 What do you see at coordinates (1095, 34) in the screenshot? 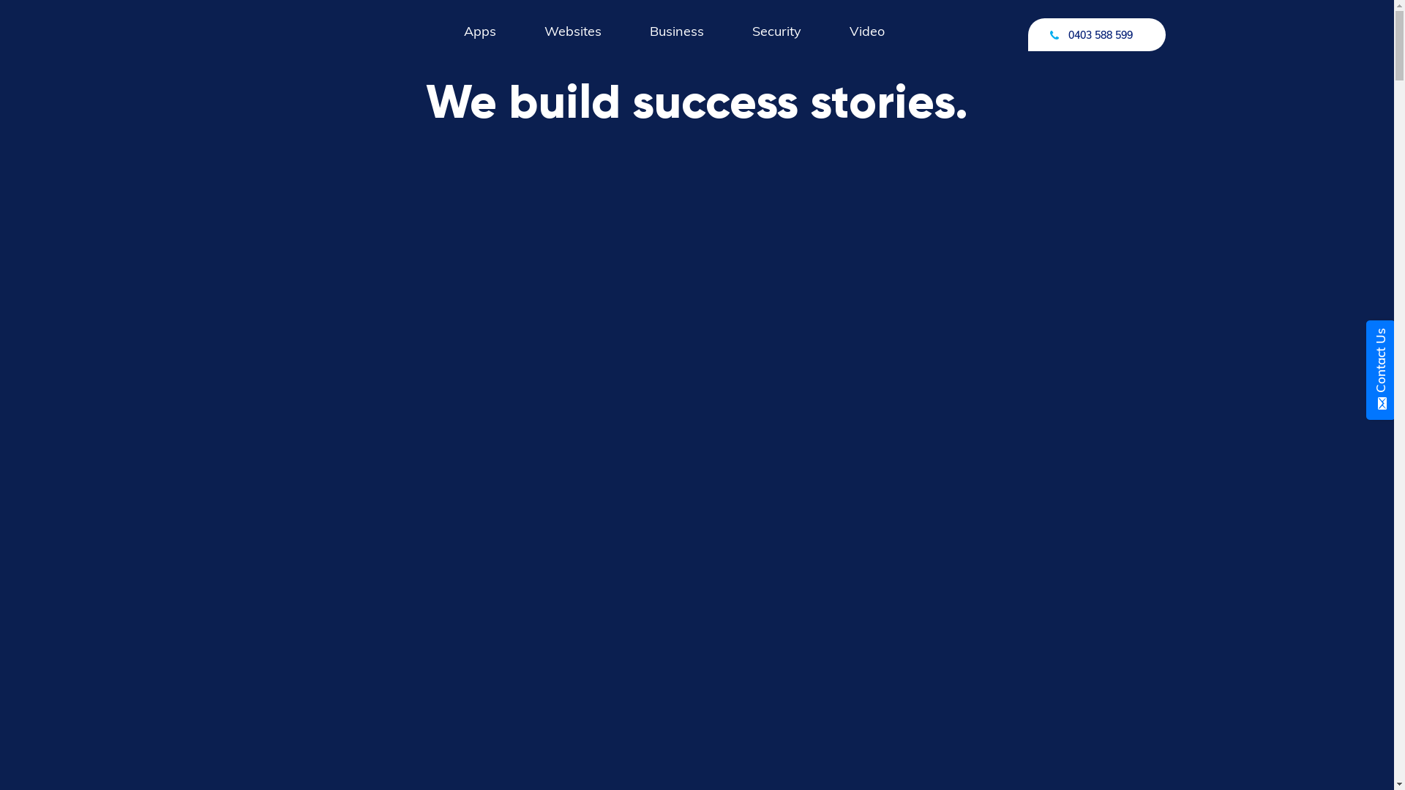
I see `'0403 588 599'` at bounding box center [1095, 34].